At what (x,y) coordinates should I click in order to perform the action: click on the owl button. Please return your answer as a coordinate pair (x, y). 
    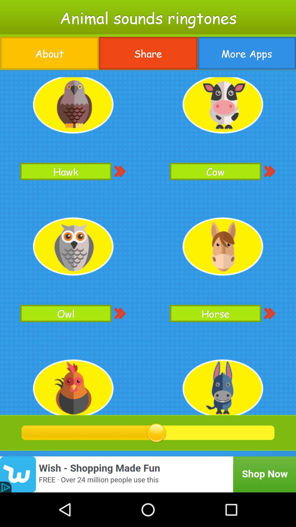
    Looking at the image, I should click on (66, 313).